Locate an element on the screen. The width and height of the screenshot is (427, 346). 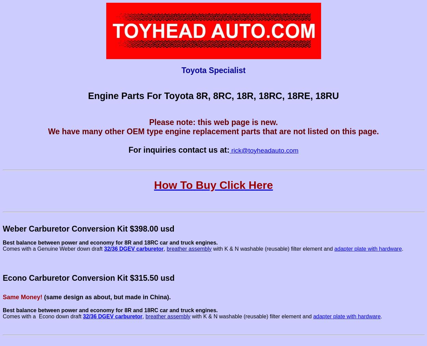
'Engine' is located at coordinates (88, 95).